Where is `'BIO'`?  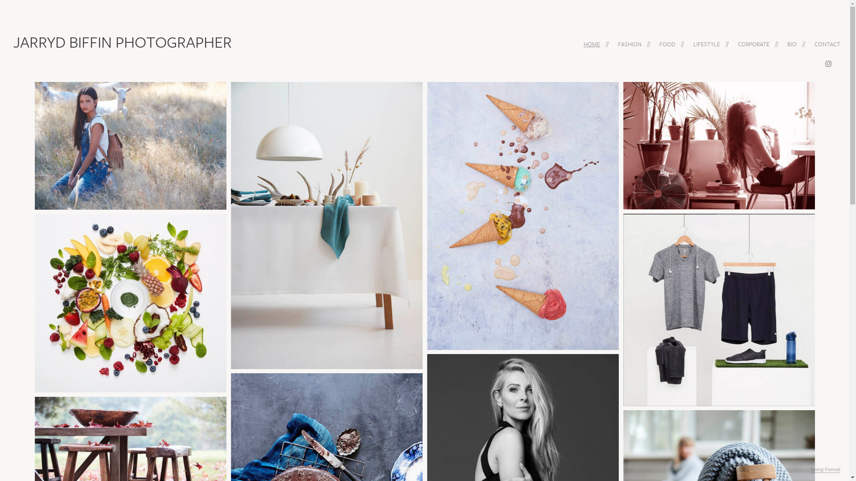
'BIO' is located at coordinates (787, 43).